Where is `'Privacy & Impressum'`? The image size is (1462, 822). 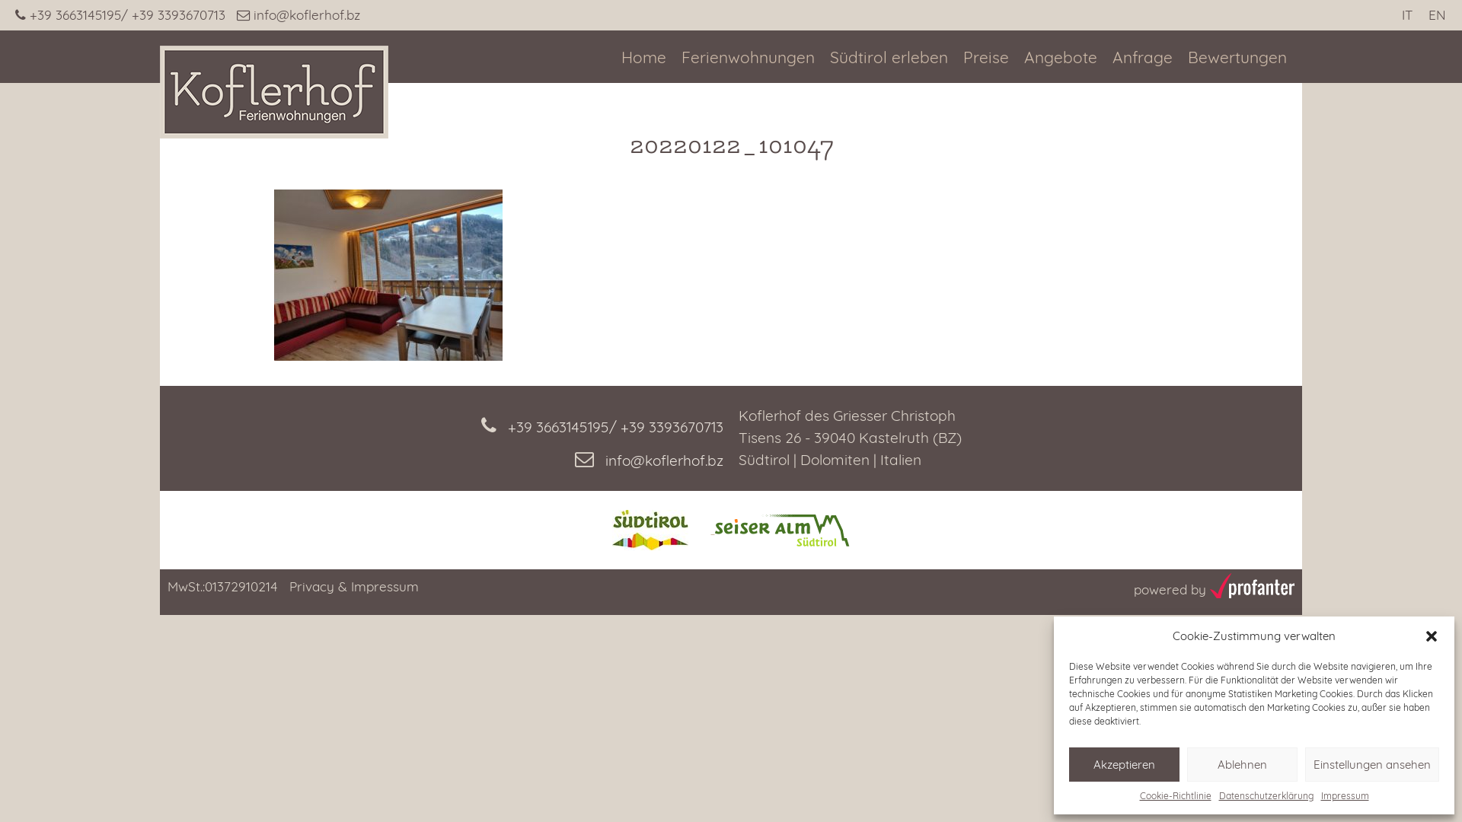
'Privacy & Impressum' is located at coordinates (353, 585).